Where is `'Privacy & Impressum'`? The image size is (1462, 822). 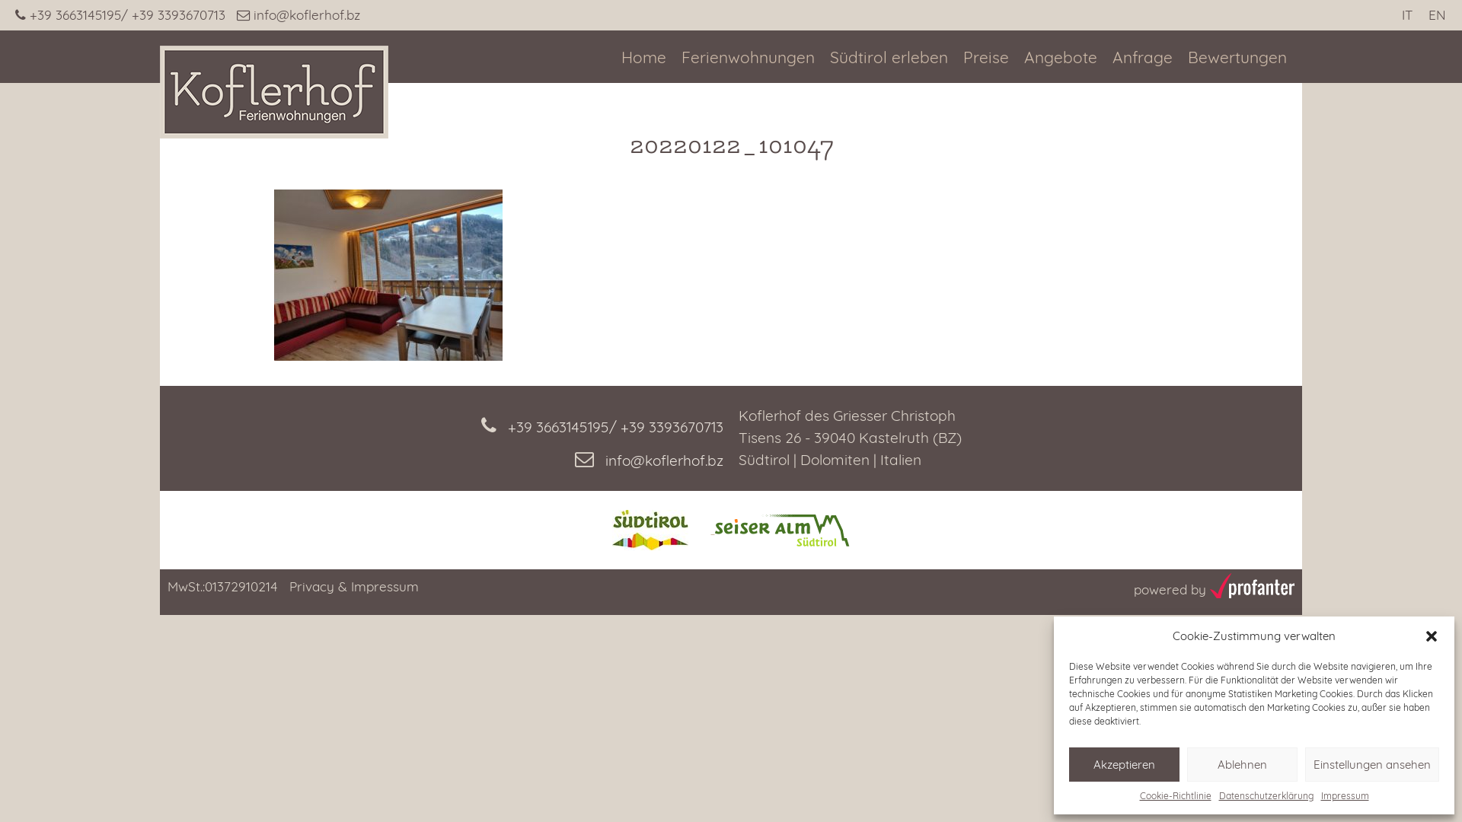
'Privacy & Impressum' is located at coordinates (353, 585).